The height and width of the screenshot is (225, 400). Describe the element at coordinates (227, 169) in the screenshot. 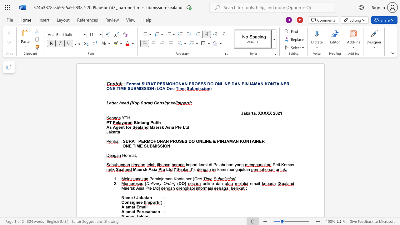

I see `the subset text "men" within the text "mengajukan"` at that location.